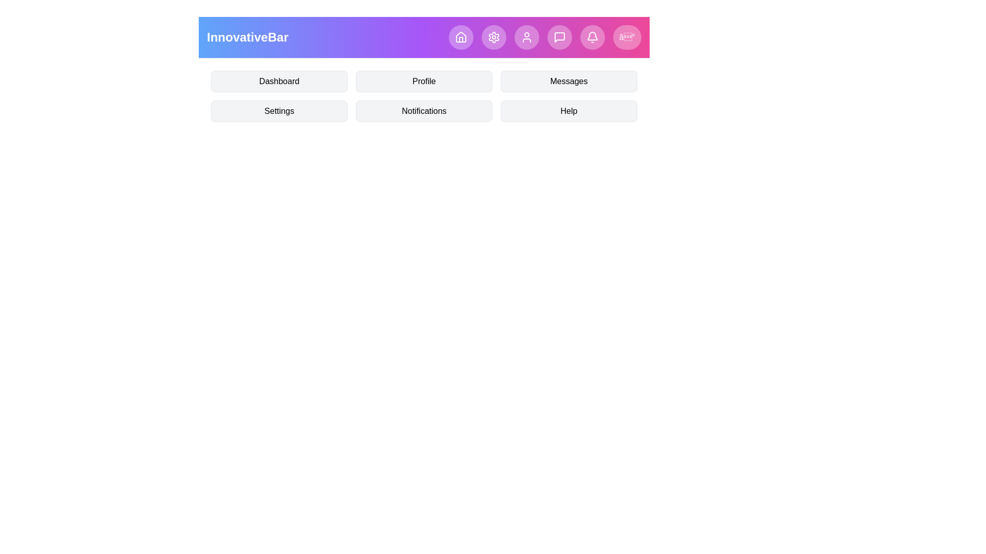  I want to click on the navigation icon corresponding to MessageSquare, so click(559, 37).